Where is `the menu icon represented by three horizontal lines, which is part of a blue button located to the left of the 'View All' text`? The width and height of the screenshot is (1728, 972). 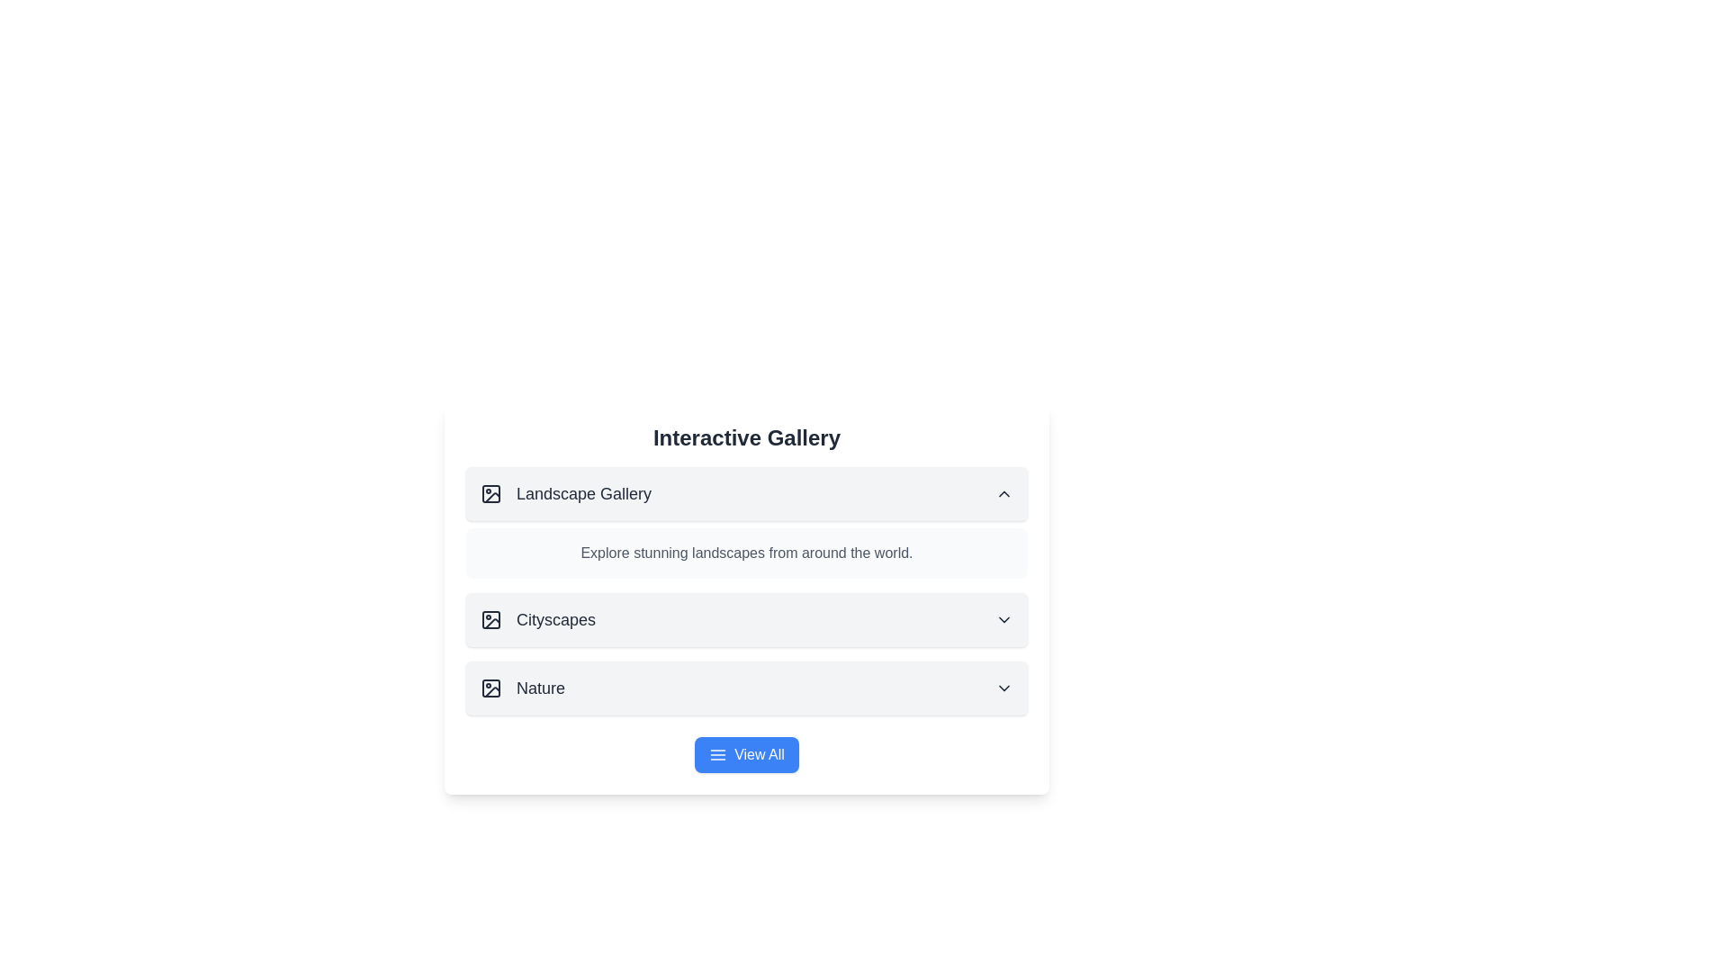
the menu icon represented by three horizontal lines, which is part of a blue button located to the left of the 'View All' text is located at coordinates (717, 755).